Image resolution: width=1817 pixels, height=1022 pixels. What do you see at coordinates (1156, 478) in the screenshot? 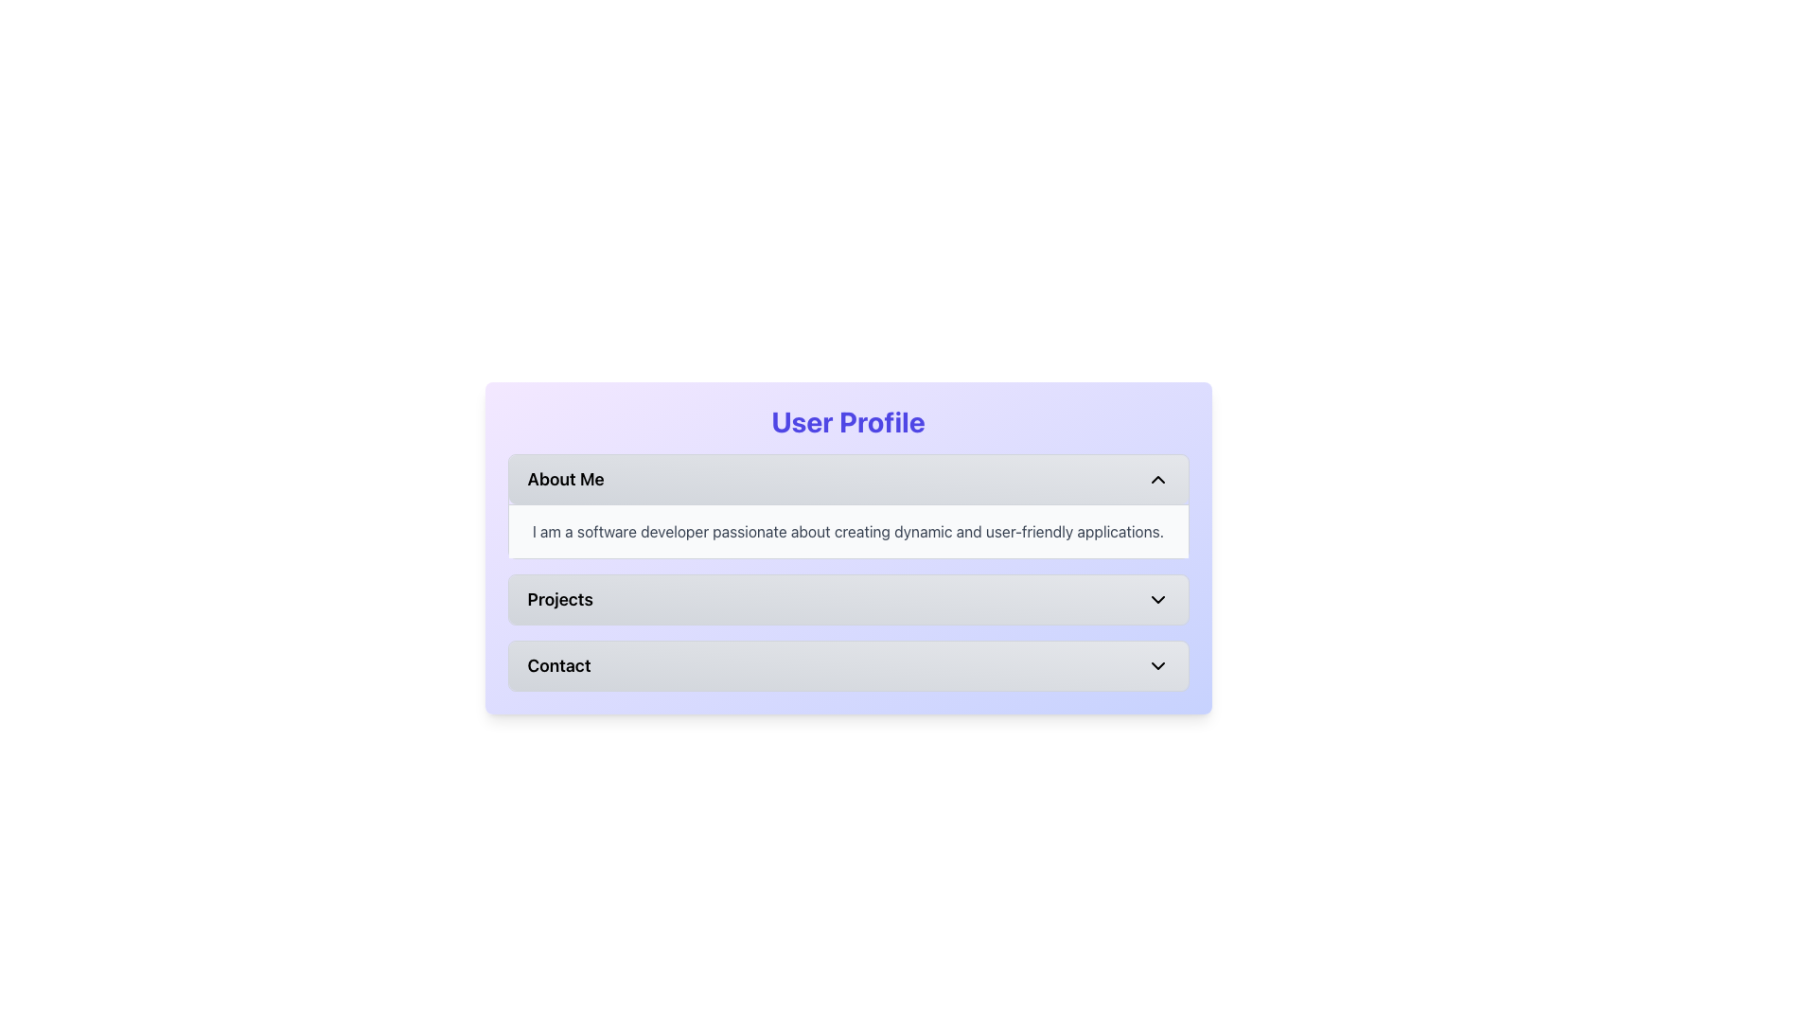
I see `the upward-pointing chevron icon that collapses the 'About Me' section` at bounding box center [1156, 478].